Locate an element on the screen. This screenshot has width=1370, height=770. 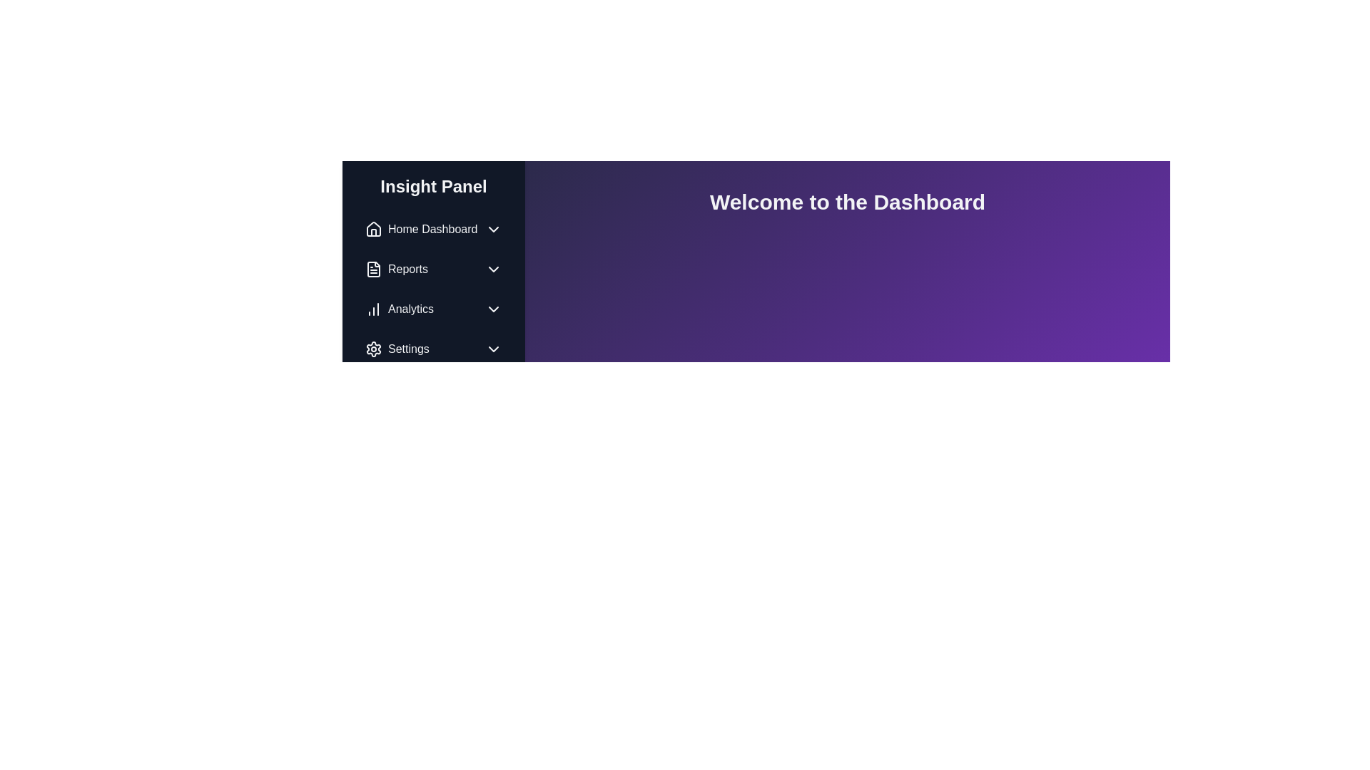
the downward-pointing chevron icon next to the 'Settings' menu item is located at coordinates (493, 349).